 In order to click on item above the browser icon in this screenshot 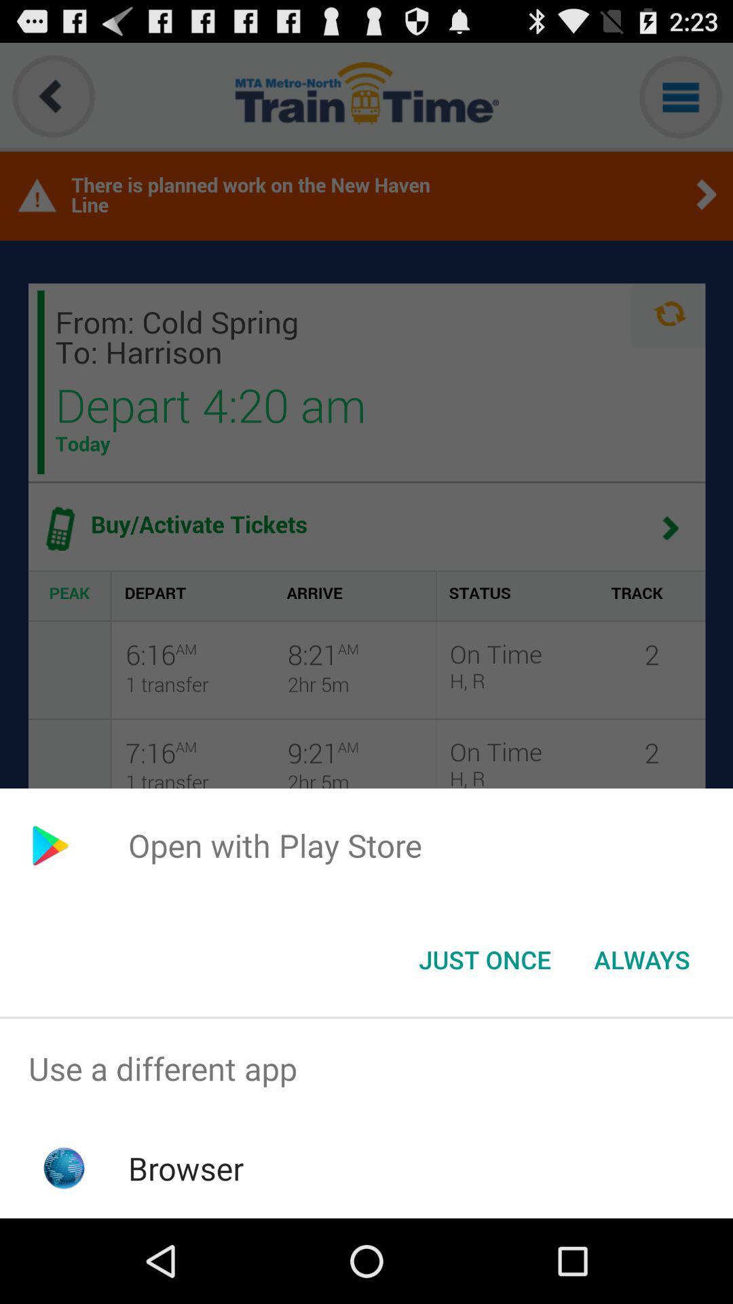, I will do `click(366, 1068)`.